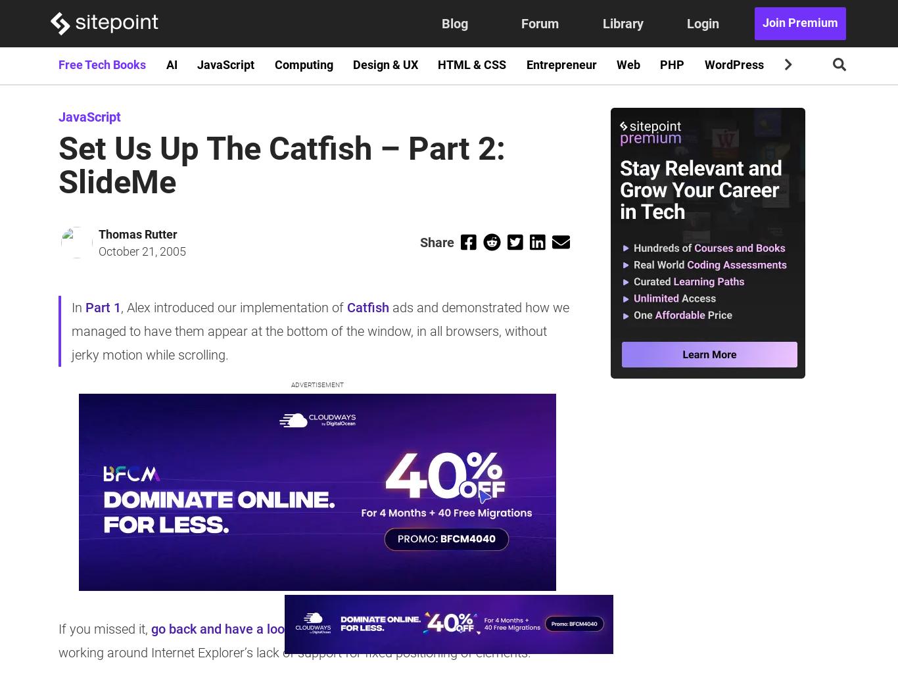  Describe the element at coordinates (384, 64) in the screenshot. I see `'Design & UX'` at that location.